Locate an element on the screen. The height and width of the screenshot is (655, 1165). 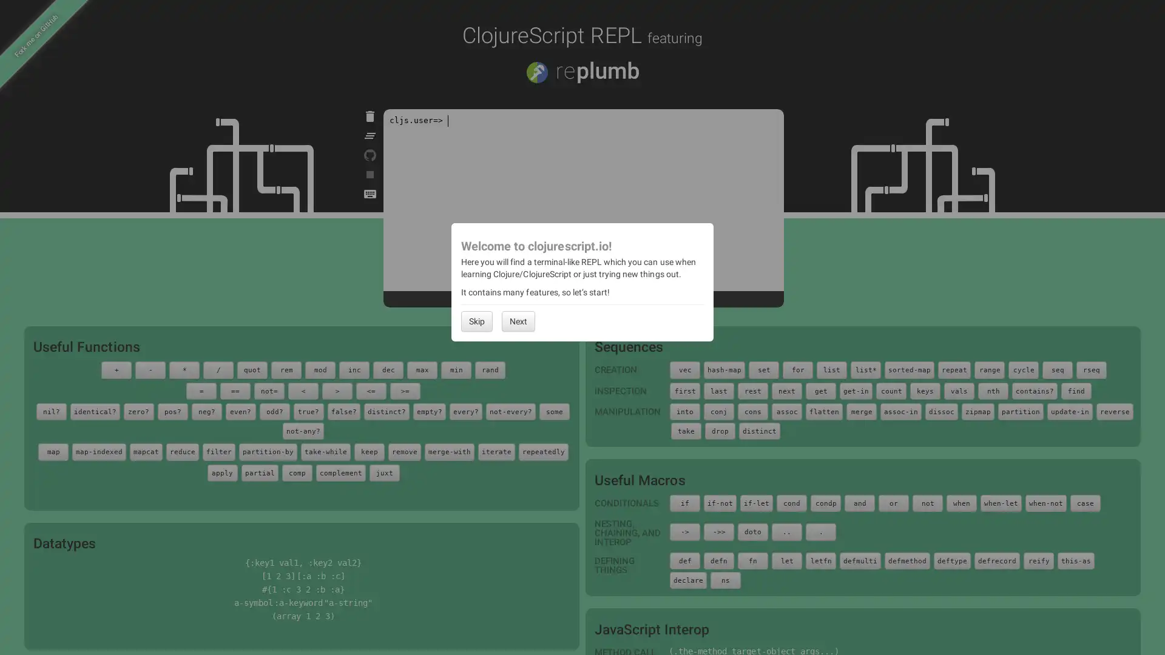
let is located at coordinates (786, 560).